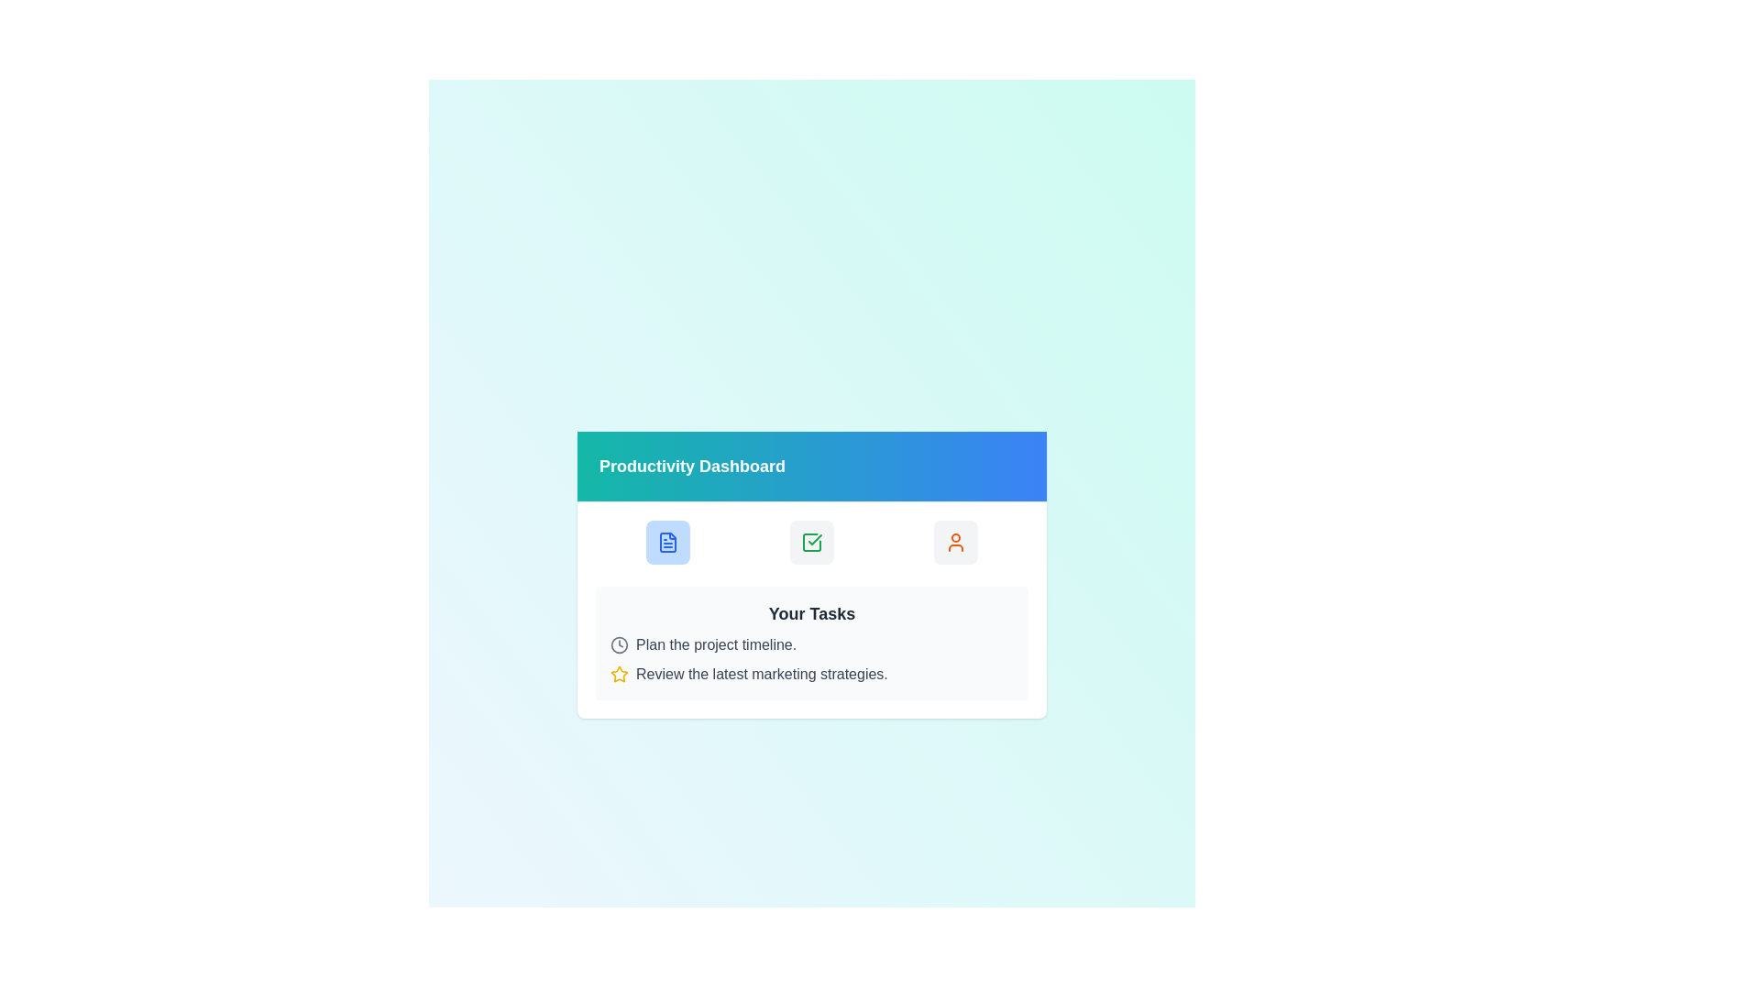  Describe the element at coordinates (811, 674) in the screenshot. I see `the second task item listed under the 'Your Tasks' section` at that location.